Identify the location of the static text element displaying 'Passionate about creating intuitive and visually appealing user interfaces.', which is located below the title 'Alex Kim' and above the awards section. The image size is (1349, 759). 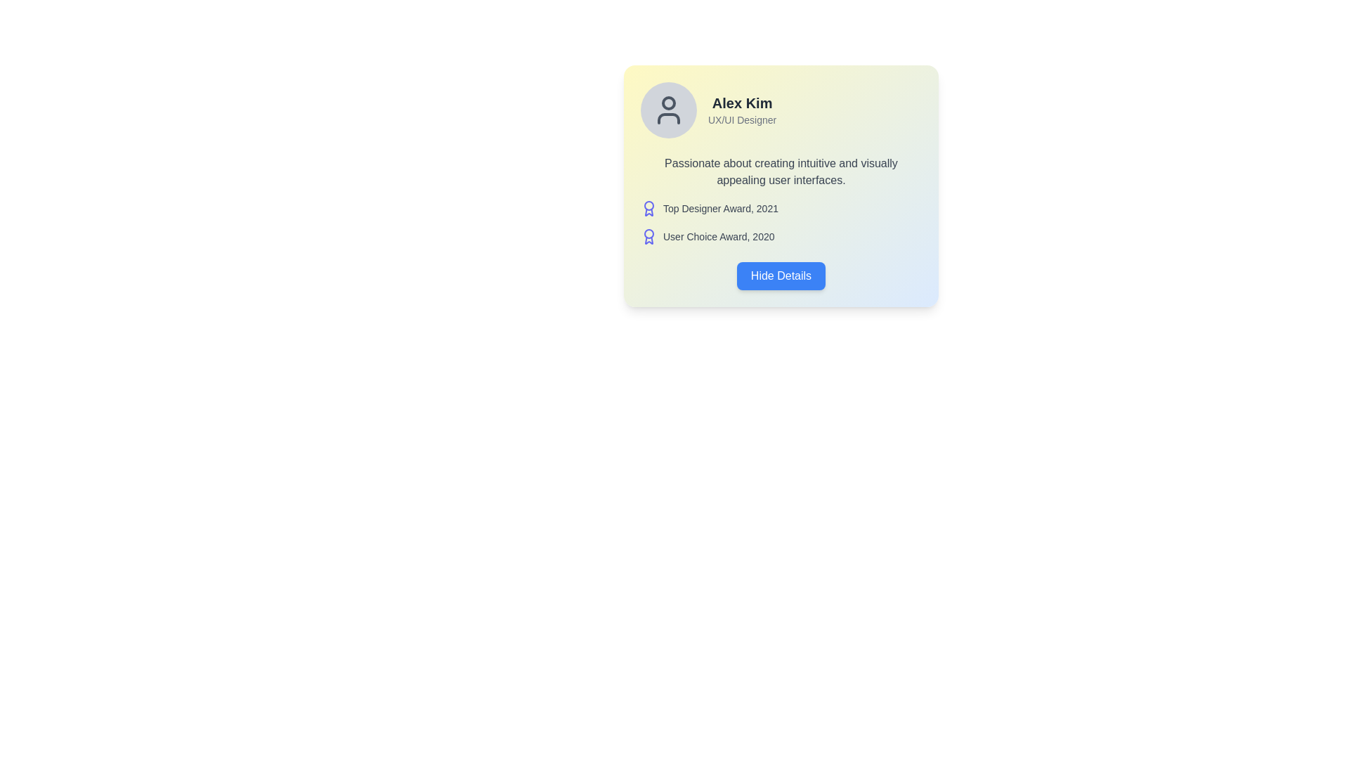
(781, 171).